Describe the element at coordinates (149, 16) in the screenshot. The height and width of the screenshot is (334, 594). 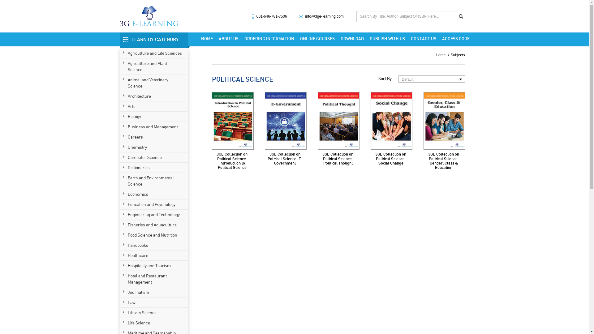
I see `'3G Learning'` at that location.